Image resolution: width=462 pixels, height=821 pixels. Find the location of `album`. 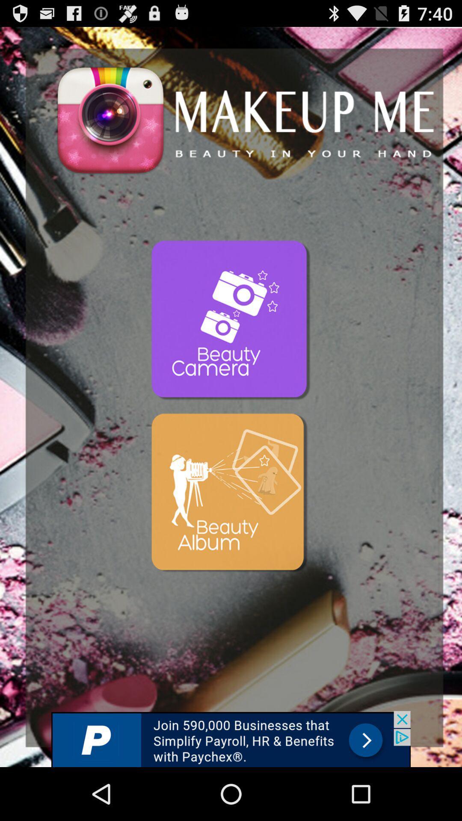

album is located at coordinates (231, 494).